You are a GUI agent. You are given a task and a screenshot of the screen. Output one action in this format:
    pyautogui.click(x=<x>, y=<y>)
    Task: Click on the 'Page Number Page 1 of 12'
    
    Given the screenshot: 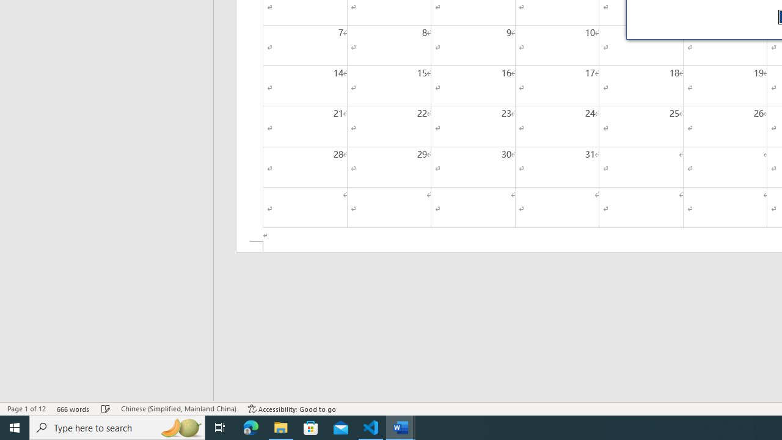 What is the action you would take?
    pyautogui.click(x=26, y=409)
    